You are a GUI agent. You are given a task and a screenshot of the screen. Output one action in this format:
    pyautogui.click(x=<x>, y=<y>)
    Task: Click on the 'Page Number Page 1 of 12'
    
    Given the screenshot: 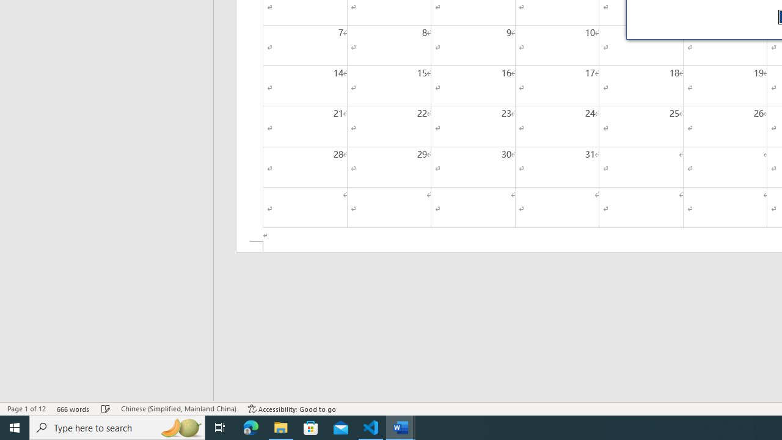 What is the action you would take?
    pyautogui.click(x=26, y=409)
    